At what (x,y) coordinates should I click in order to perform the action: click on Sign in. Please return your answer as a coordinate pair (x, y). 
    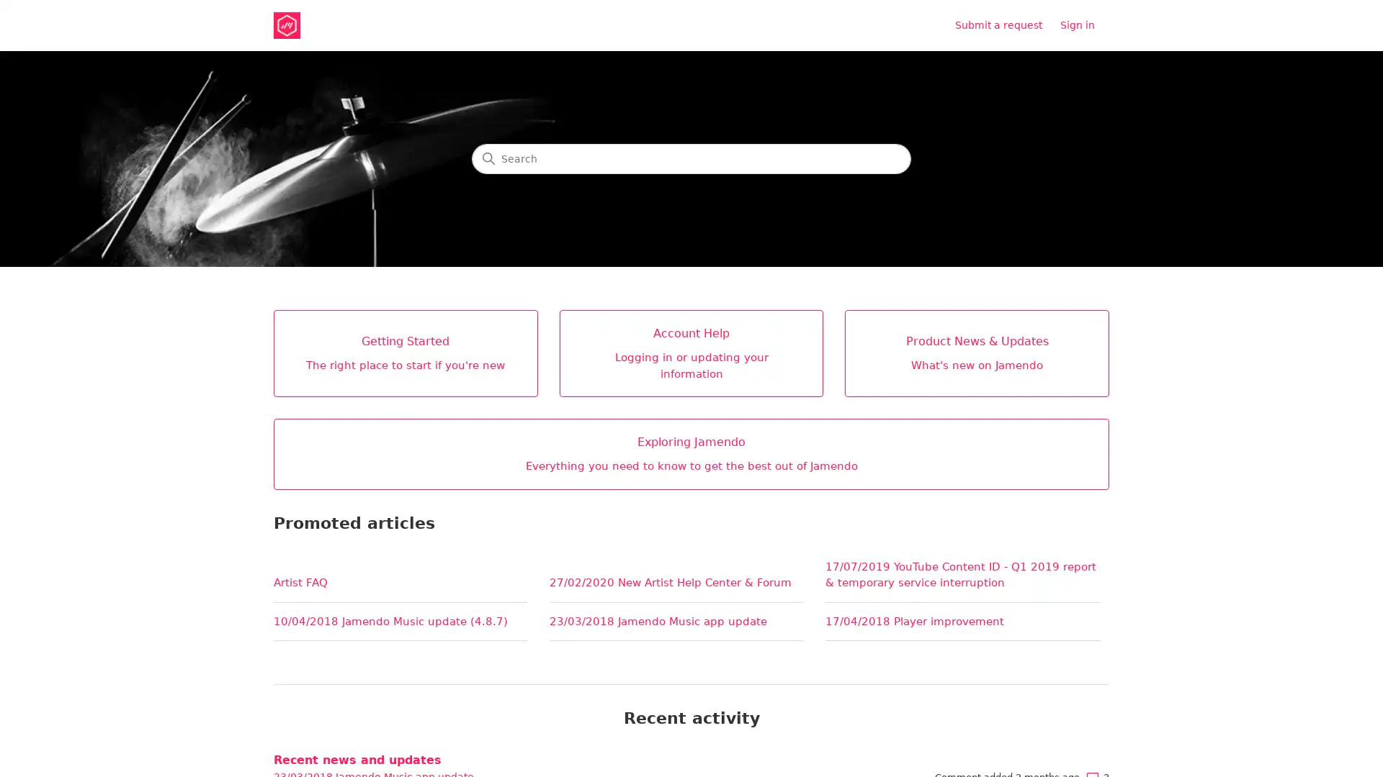
    Looking at the image, I should click on (1085, 25).